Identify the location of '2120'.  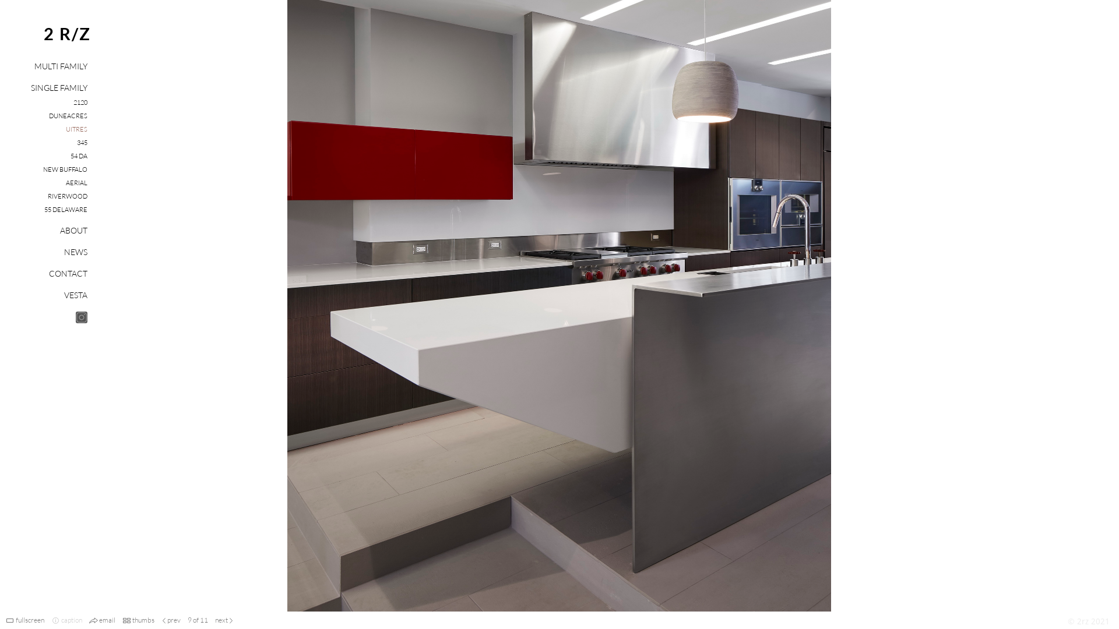
(80, 102).